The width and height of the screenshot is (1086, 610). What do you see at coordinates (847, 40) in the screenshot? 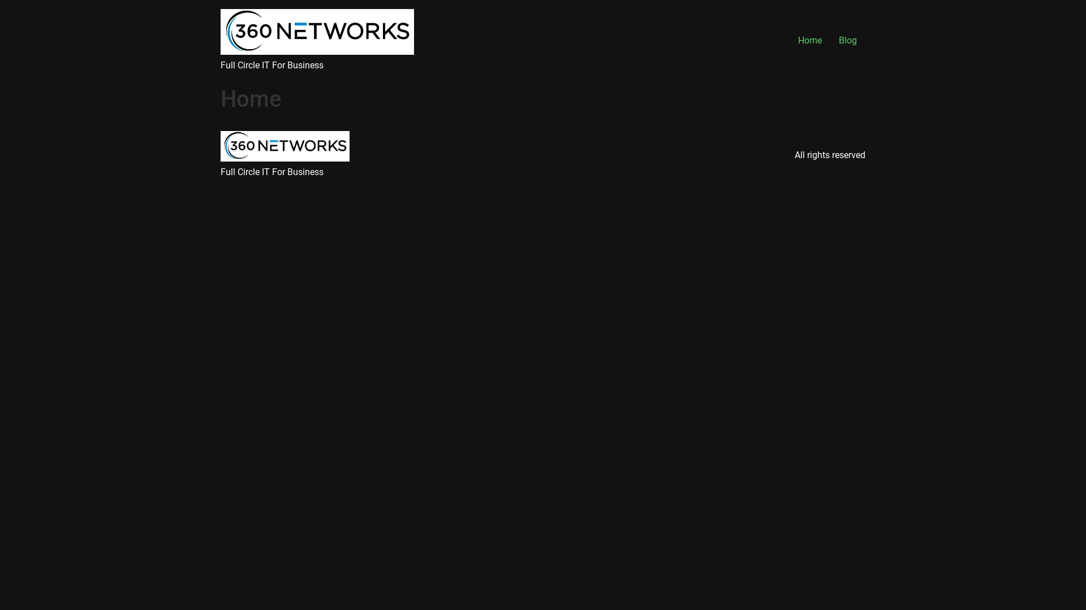
I see `'Blog'` at bounding box center [847, 40].